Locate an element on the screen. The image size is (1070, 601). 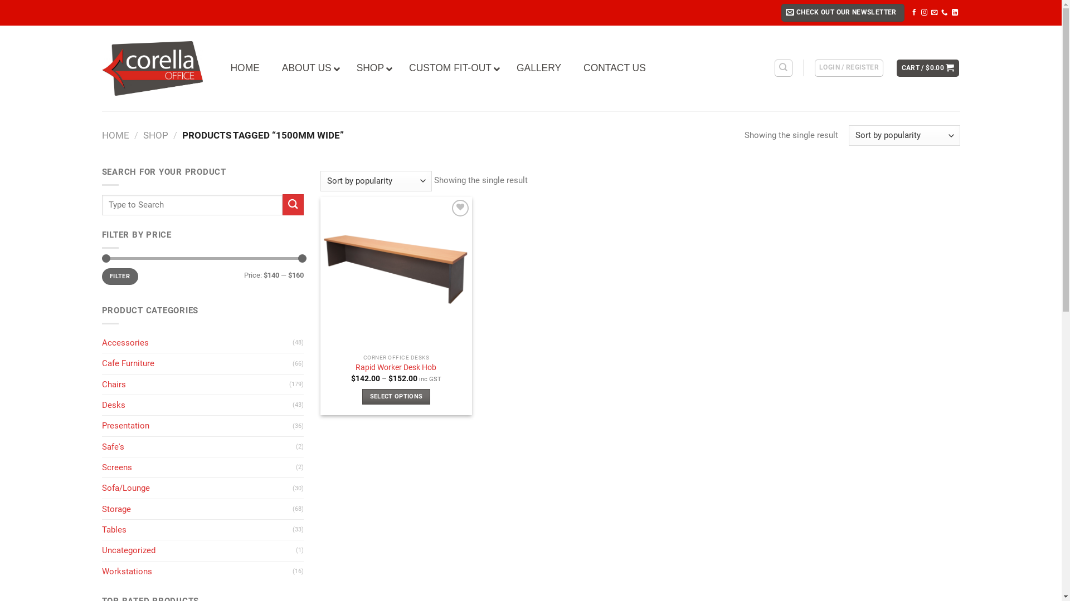
'Tables' is located at coordinates (197, 529).